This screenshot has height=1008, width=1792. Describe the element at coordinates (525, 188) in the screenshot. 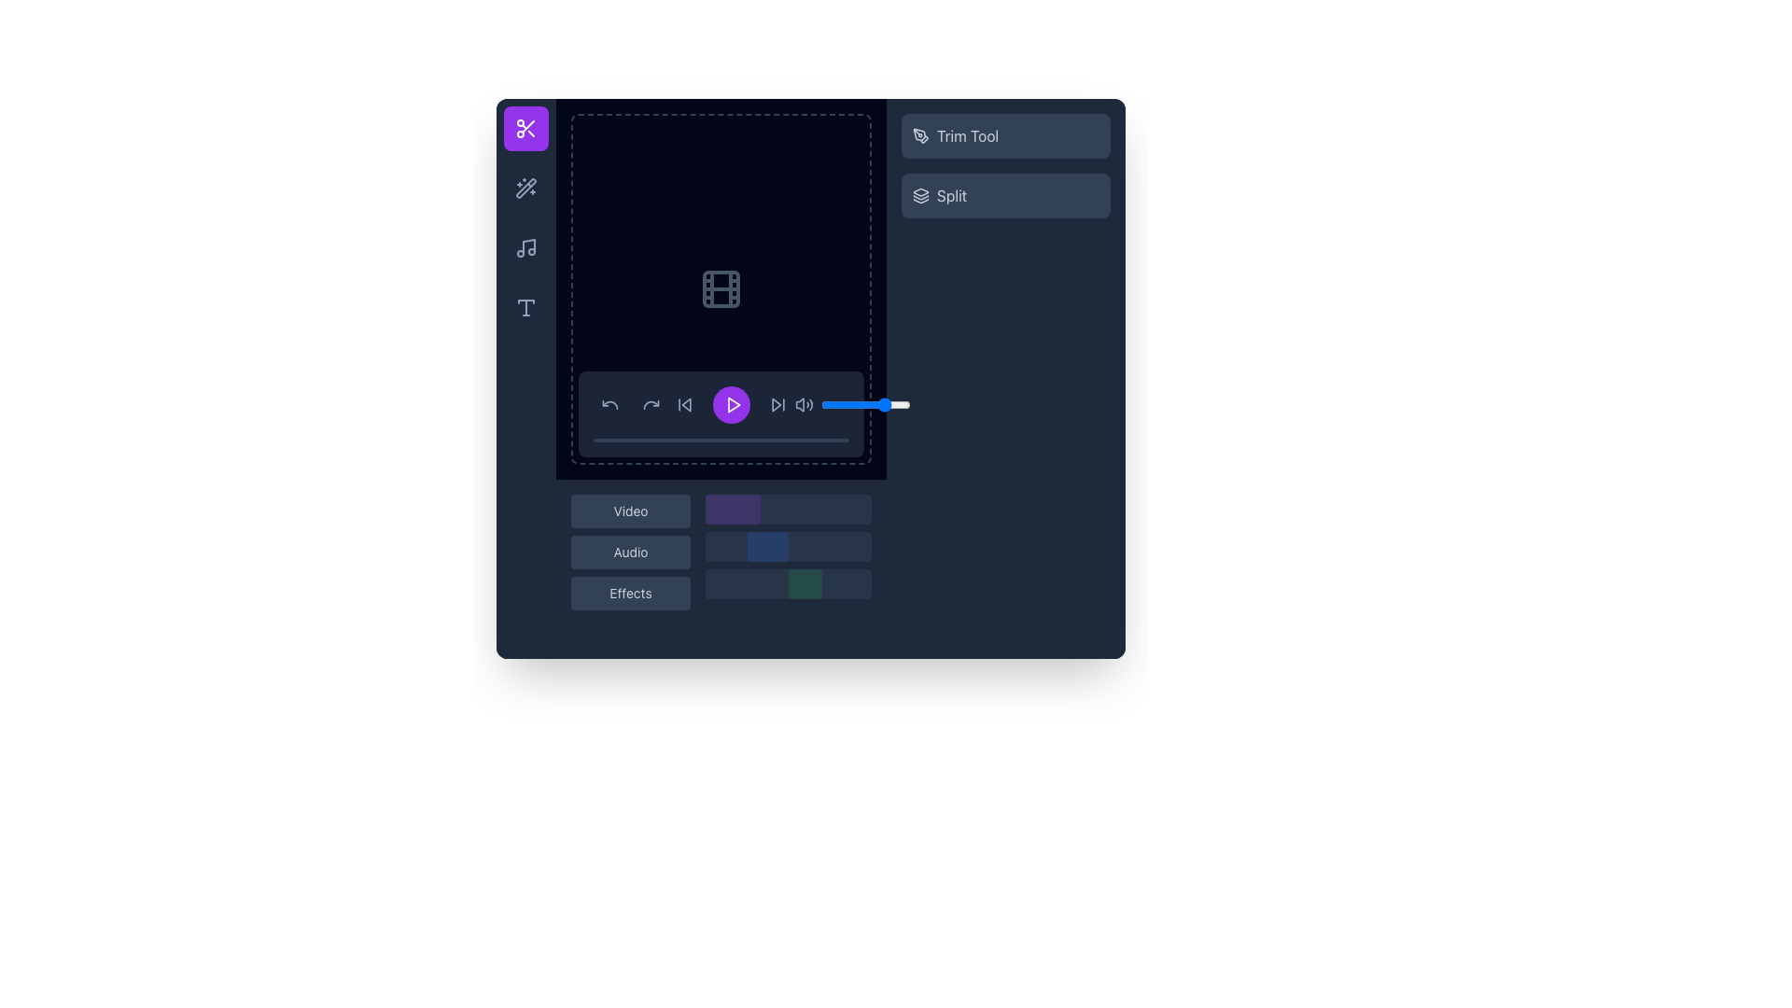

I see `the icon button featuring a wand and sparkles design, located directly below the scissors icon in the left-hand sidebar` at that location.